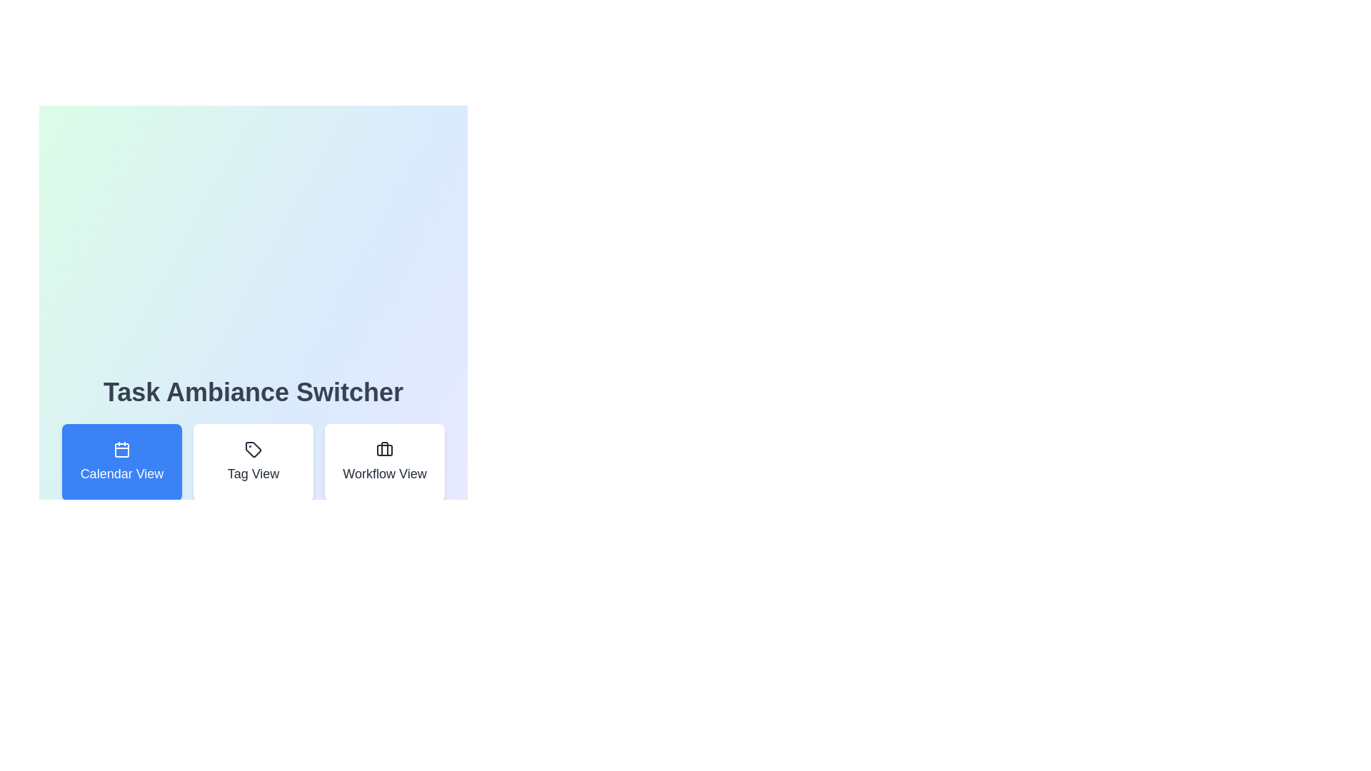  What do you see at coordinates (122, 463) in the screenshot?
I see `the blue rectangular button labeled 'Calendar View' with a white calendar icon, located in the lower section of the interface under 'Task Ambiance Switcher', to trigger a tooltip or effect` at bounding box center [122, 463].